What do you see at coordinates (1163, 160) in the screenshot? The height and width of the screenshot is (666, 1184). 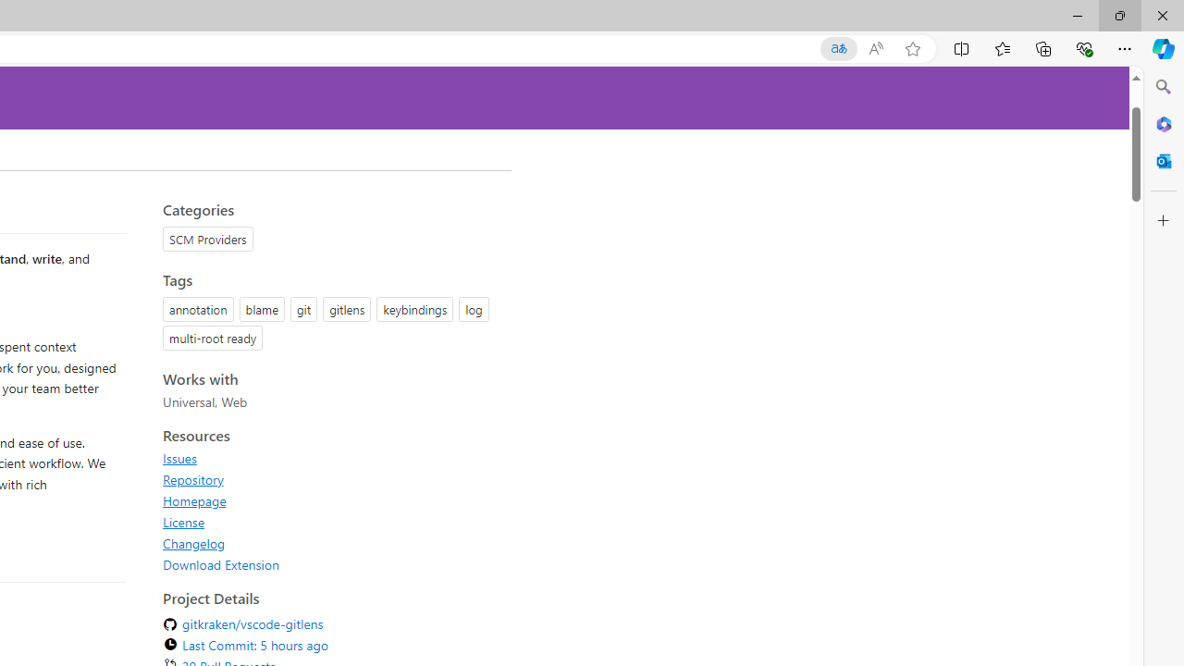 I see `'Outlook'` at bounding box center [1163, 160].